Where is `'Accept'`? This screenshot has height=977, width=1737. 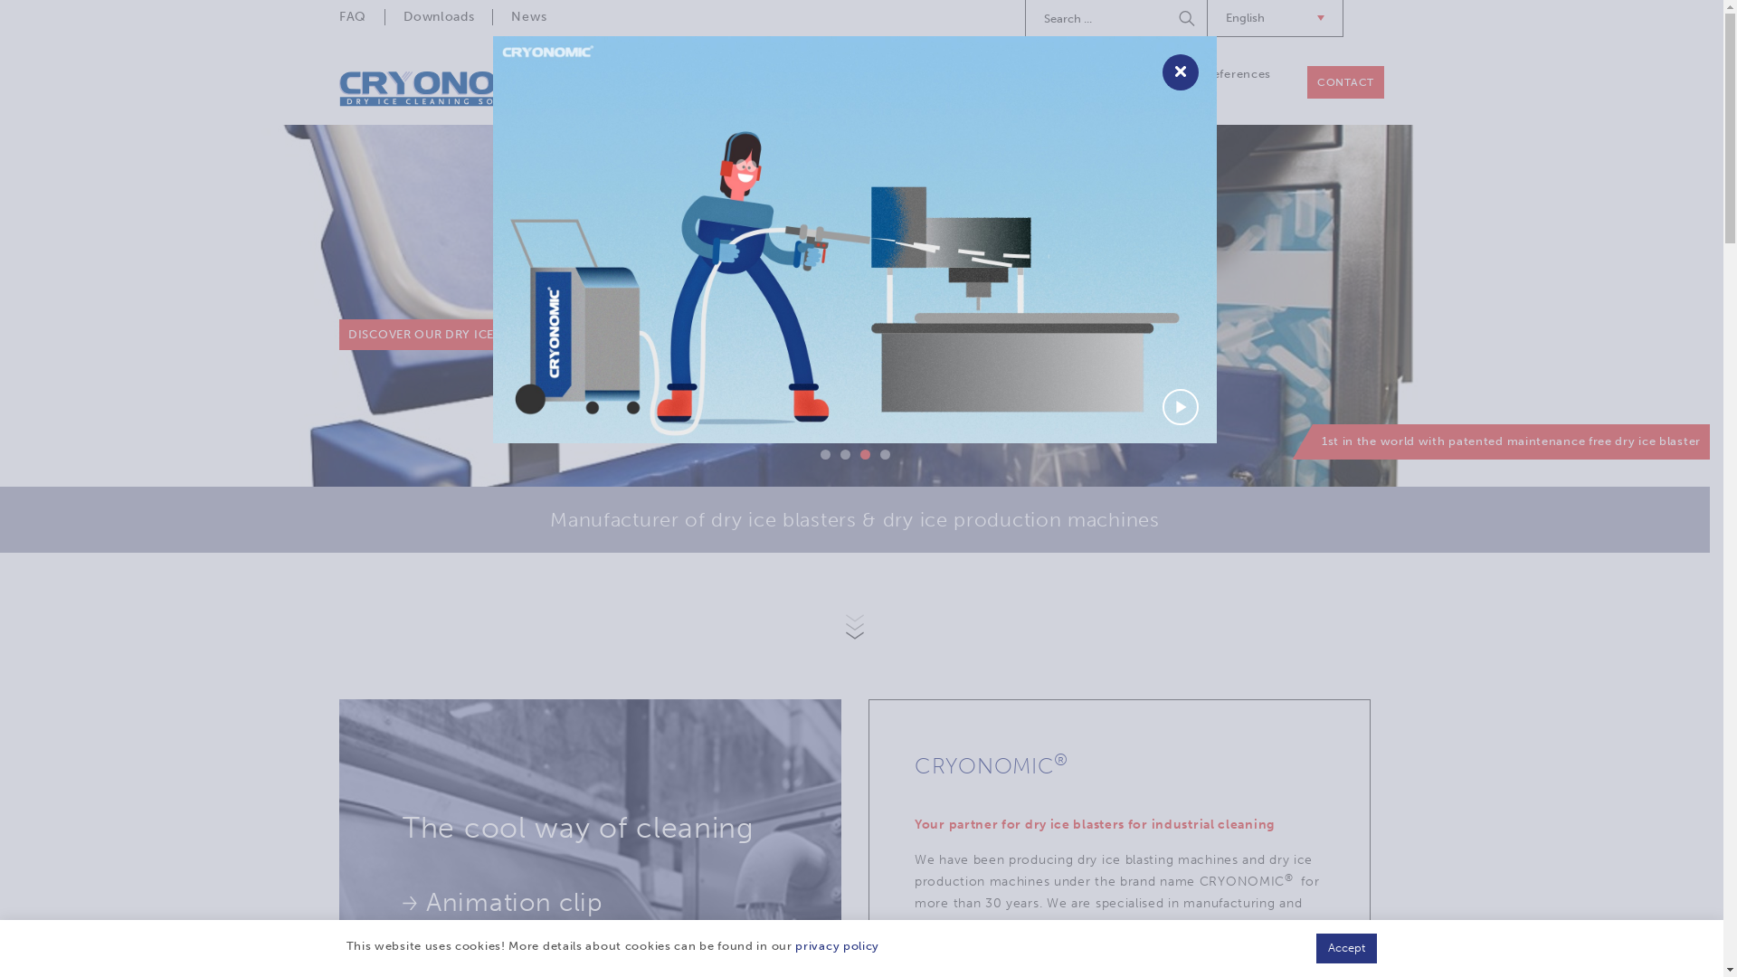 'Accept' is located at coordinates (1346, 947).